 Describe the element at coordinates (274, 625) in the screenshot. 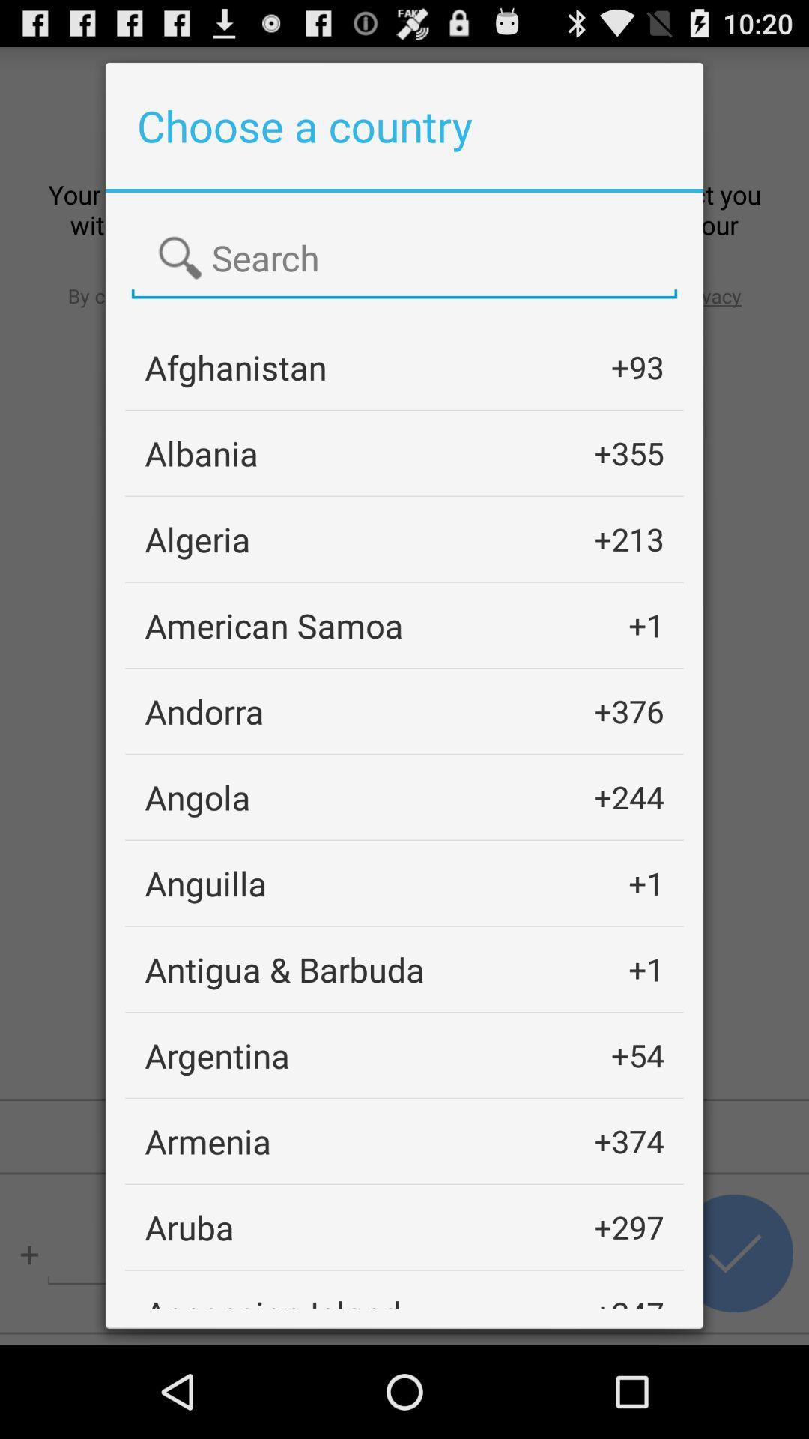

I see `app above andorra item` at that location.